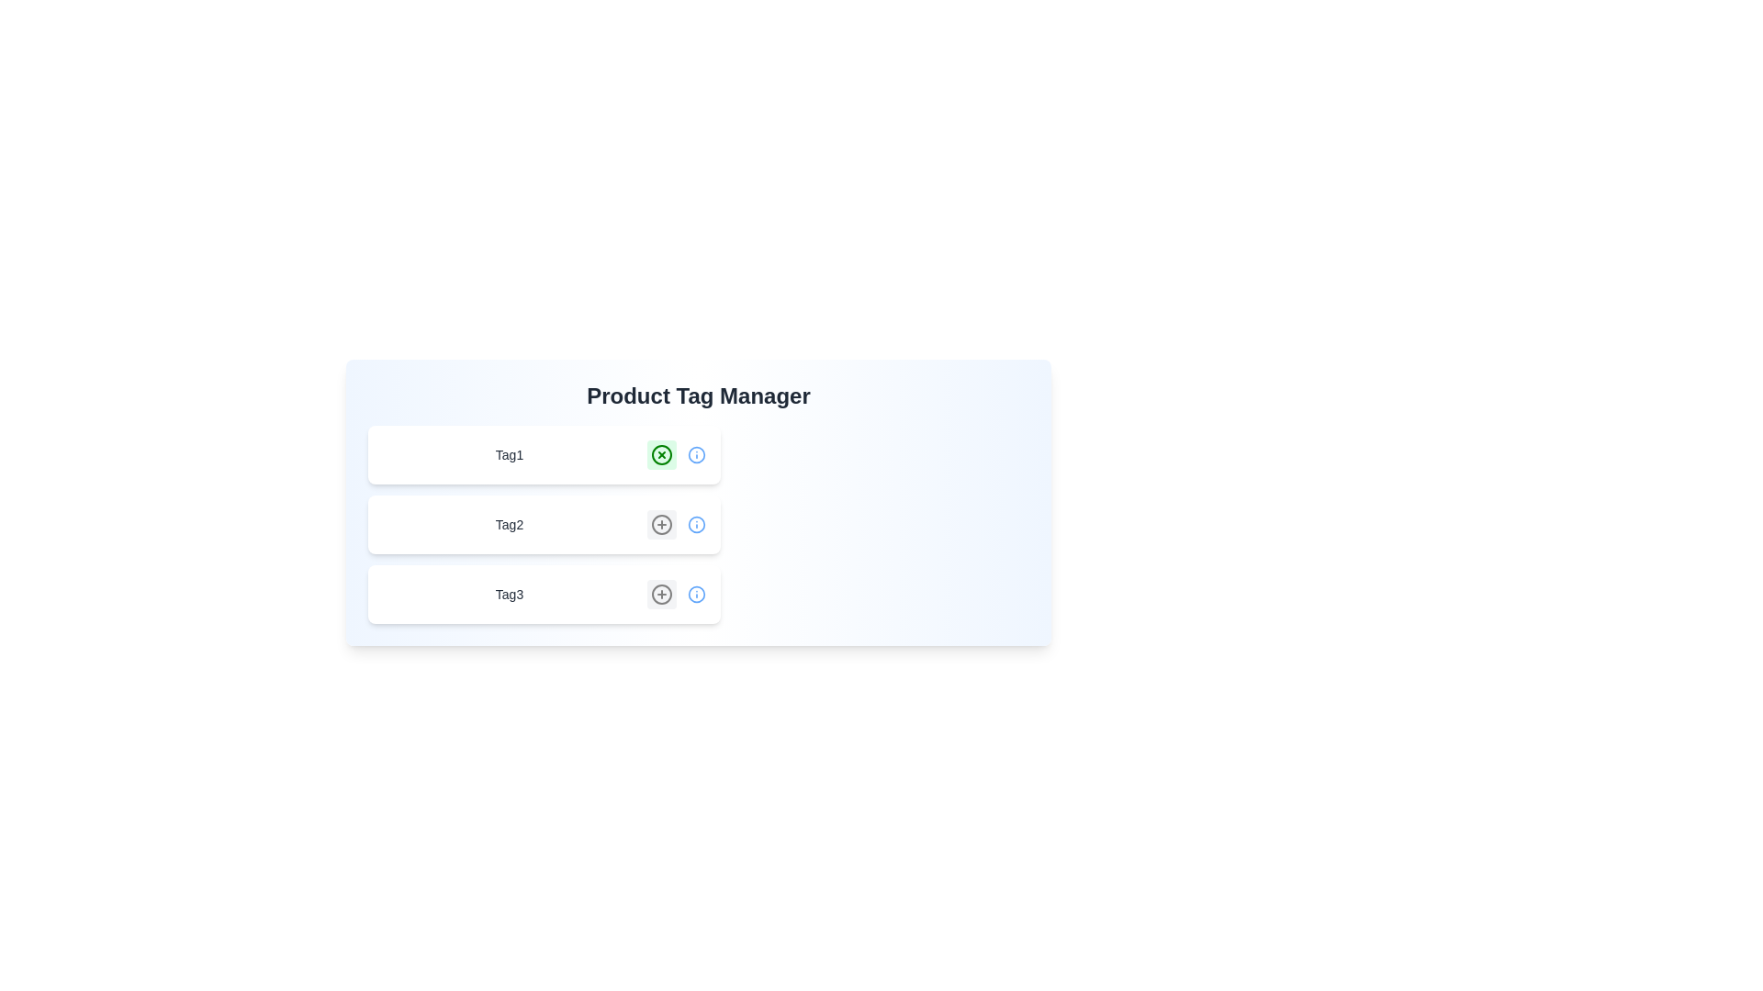 Image resolution: width=1763 pixels, height=991 pixels. What do you see at coordinates (695, 454) in the screenshot?
I see `the information icon for Tag1 to view its description` at bounding box center [695, 454].